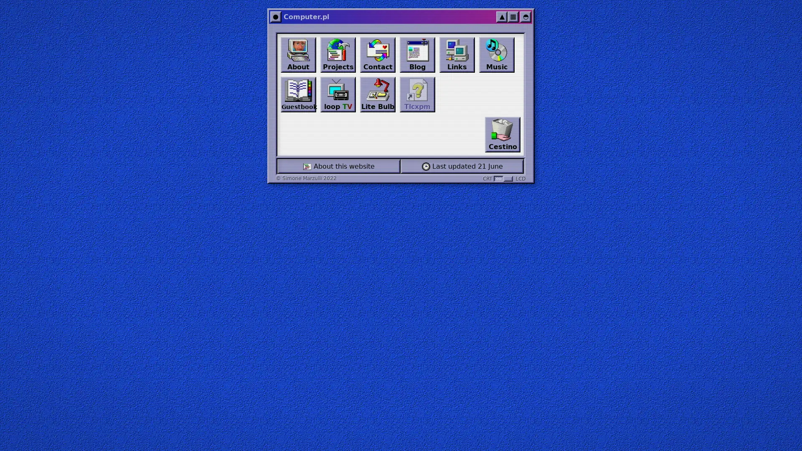  Describe the element at coordinates (377, 55) in the screenshot. I see `contact Contact` at that location.